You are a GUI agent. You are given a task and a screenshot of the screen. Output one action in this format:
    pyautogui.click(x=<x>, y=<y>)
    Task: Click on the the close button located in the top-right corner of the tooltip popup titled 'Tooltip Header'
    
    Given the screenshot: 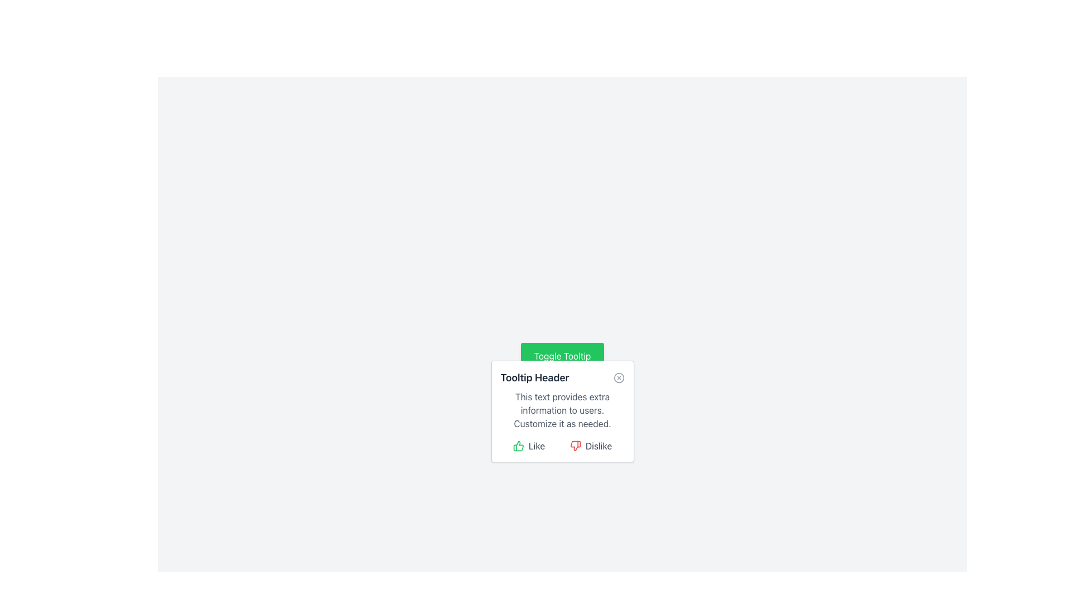 What is the action you would take?
    pyautogui.click(x=618, y=377)
    